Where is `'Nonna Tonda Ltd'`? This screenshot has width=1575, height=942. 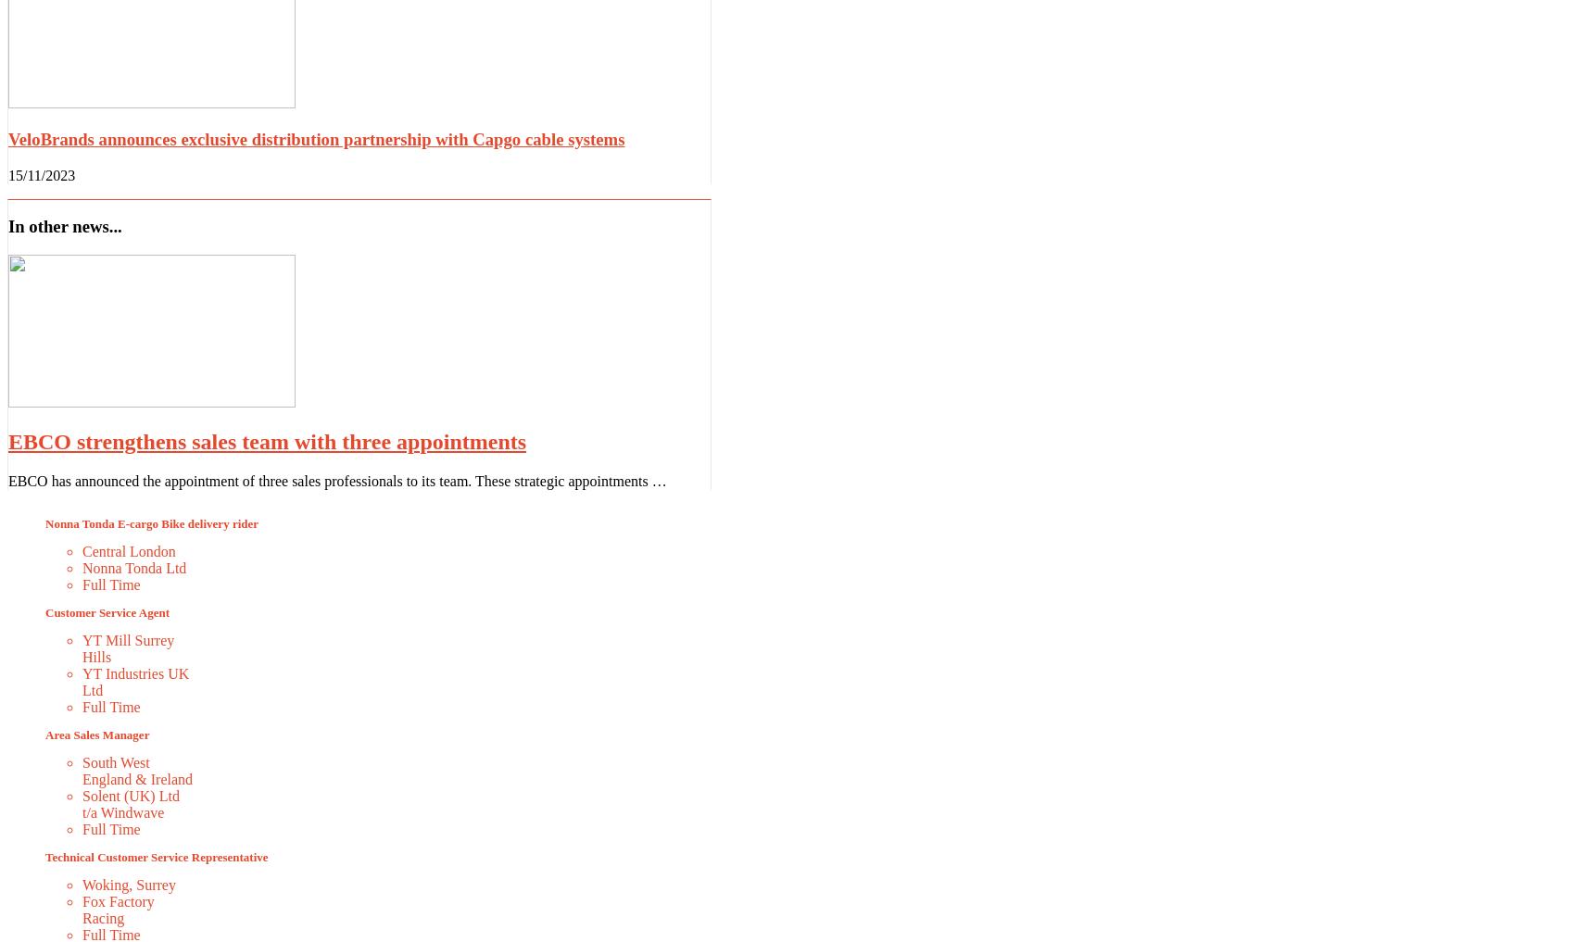 'Nonna Tonda Ltd' is located at coordinates (133, 566).